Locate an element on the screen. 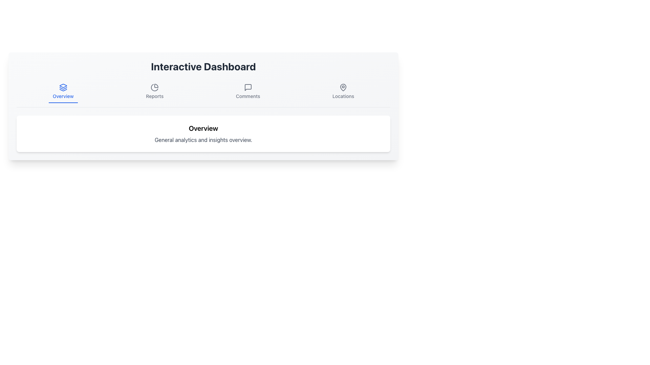 This screenshot has height=365, width=650. the 'Reports' icon located centrally above the 'Reports' label in the second section of the navigation bar is located at coordinates (154, 87).